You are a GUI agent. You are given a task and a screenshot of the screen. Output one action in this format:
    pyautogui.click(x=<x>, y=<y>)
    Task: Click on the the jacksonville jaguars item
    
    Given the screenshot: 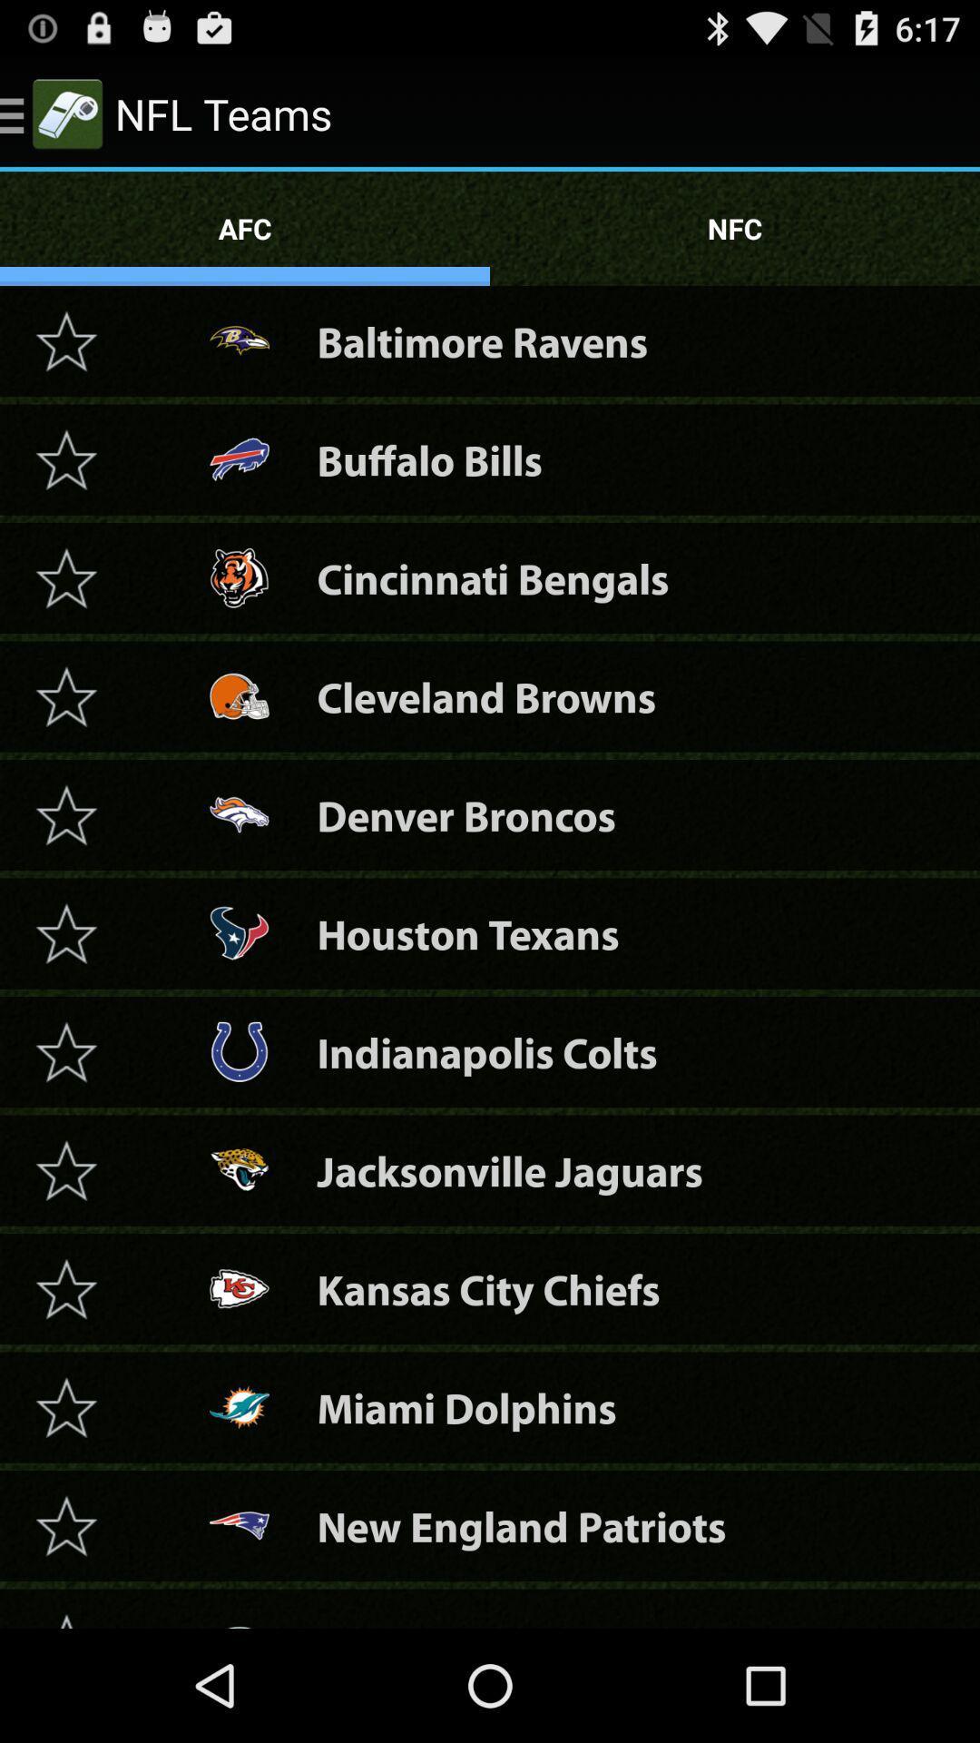 What is the action you would take?
    pyautogui.click(x=510, y=1170)
    